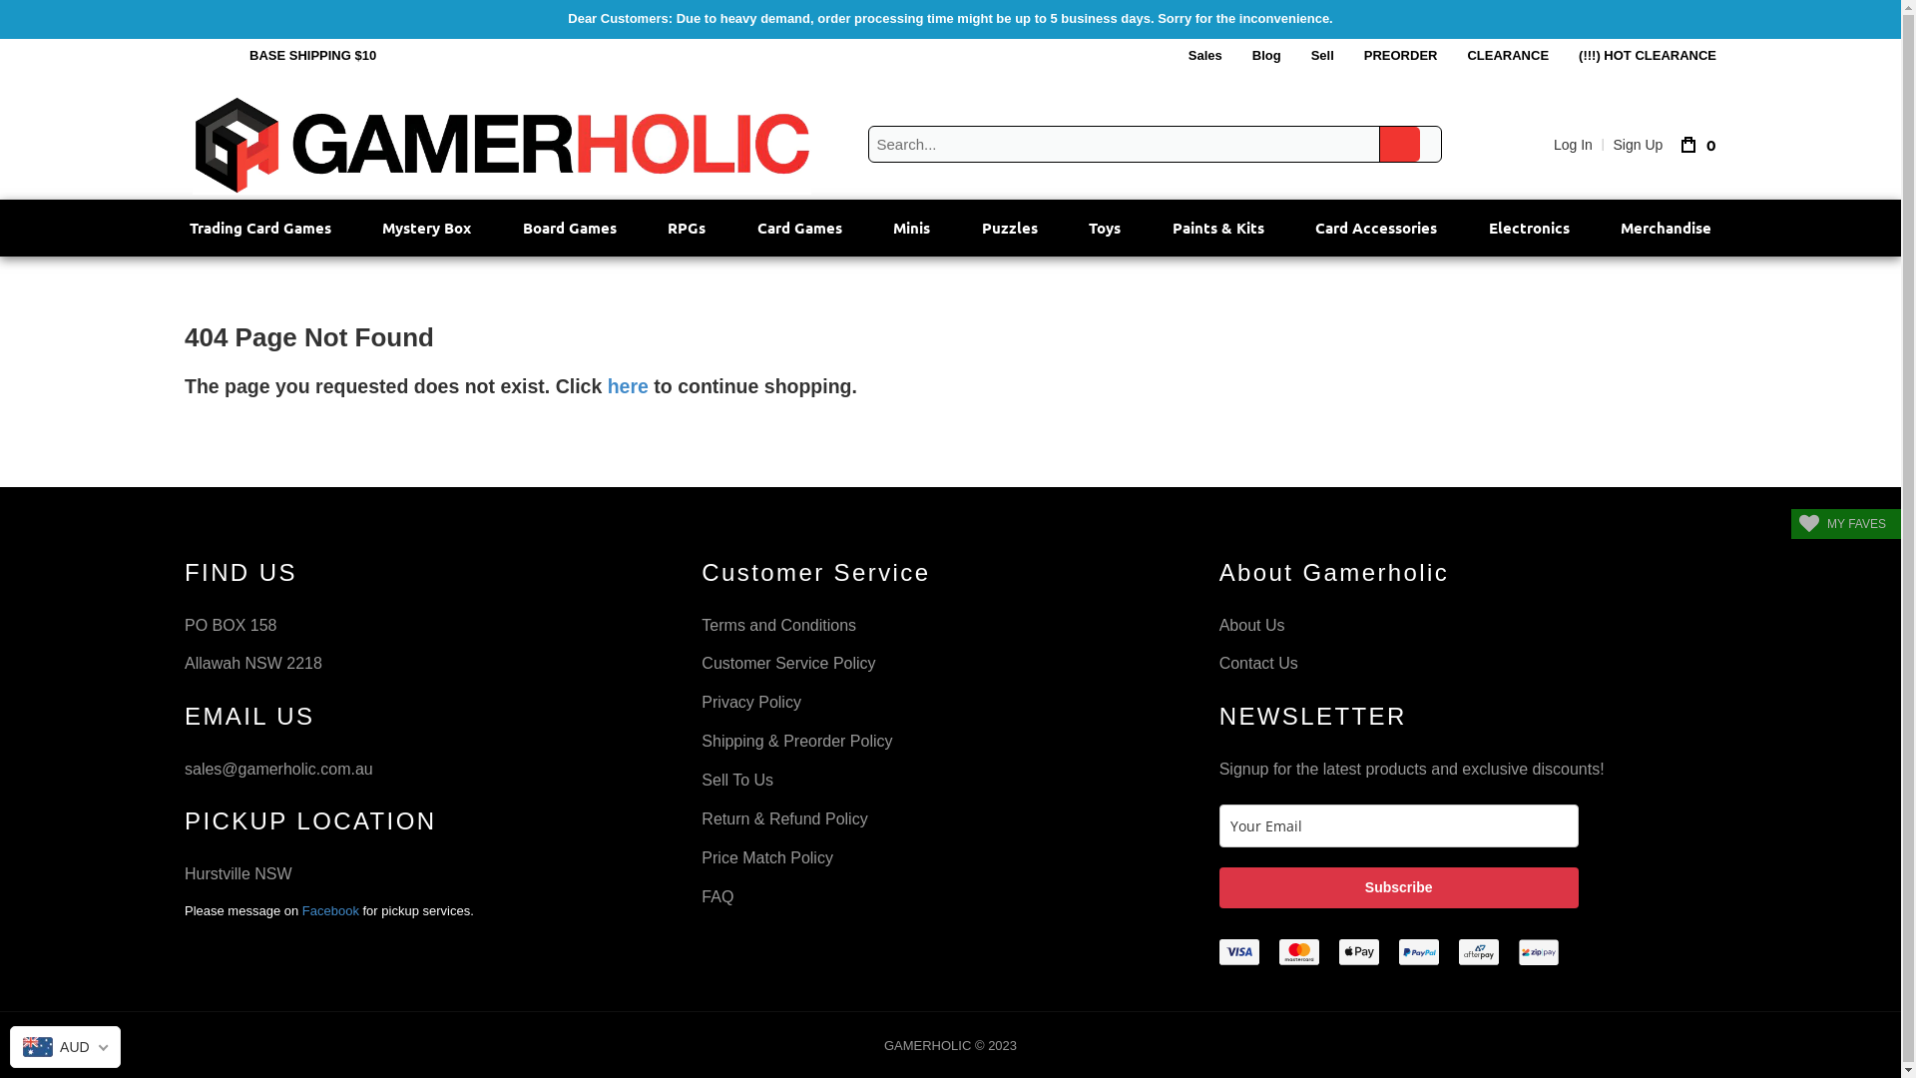 Image resolution: width=1916 pixels, height=1078 pixels. Describe the element at coordinates (330, 910) in the screenshot. I see `'Facebook'` at that location.